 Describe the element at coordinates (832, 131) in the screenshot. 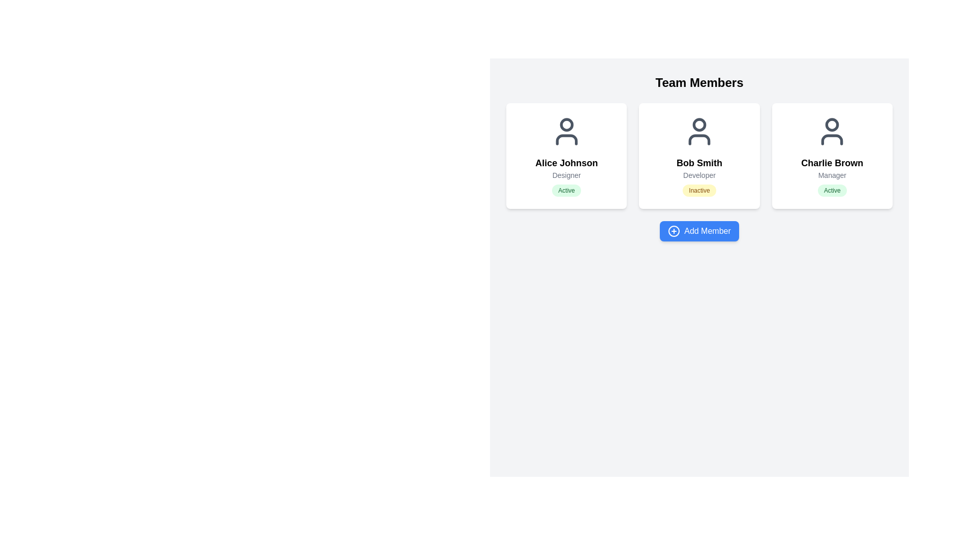

I see `the appearance of the user profile icon that resembles a circular head atop a U-shaped body, located at the top center of the card for Charlie Brown, above the name and designation` at that location.